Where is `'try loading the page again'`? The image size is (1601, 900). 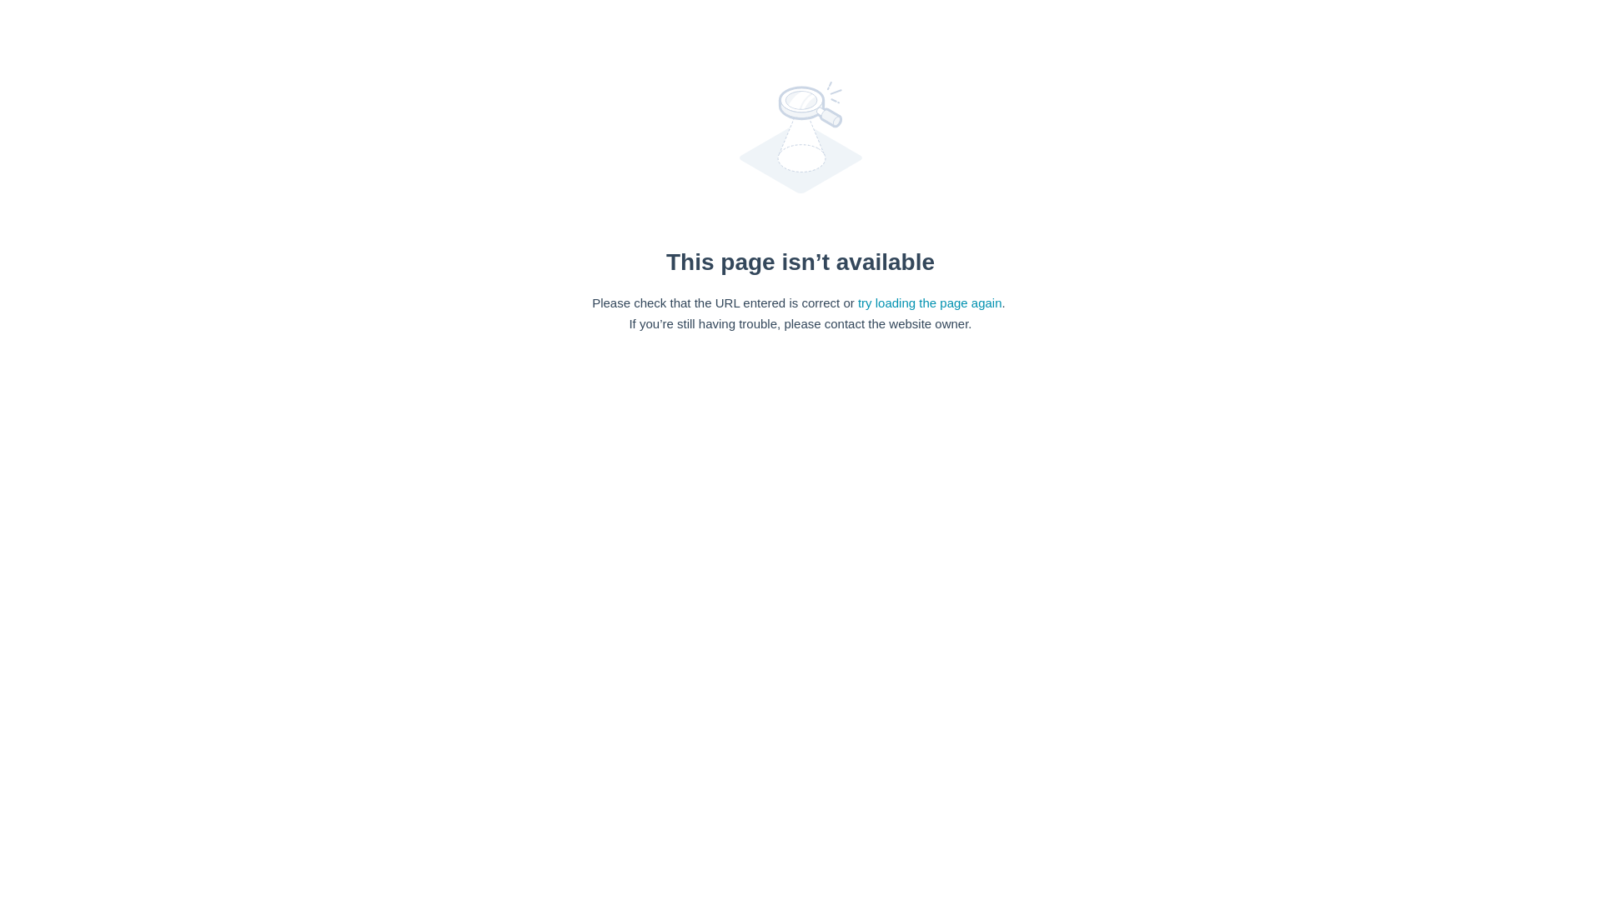
'try loading the page again' is located at coordinates (929, 302).